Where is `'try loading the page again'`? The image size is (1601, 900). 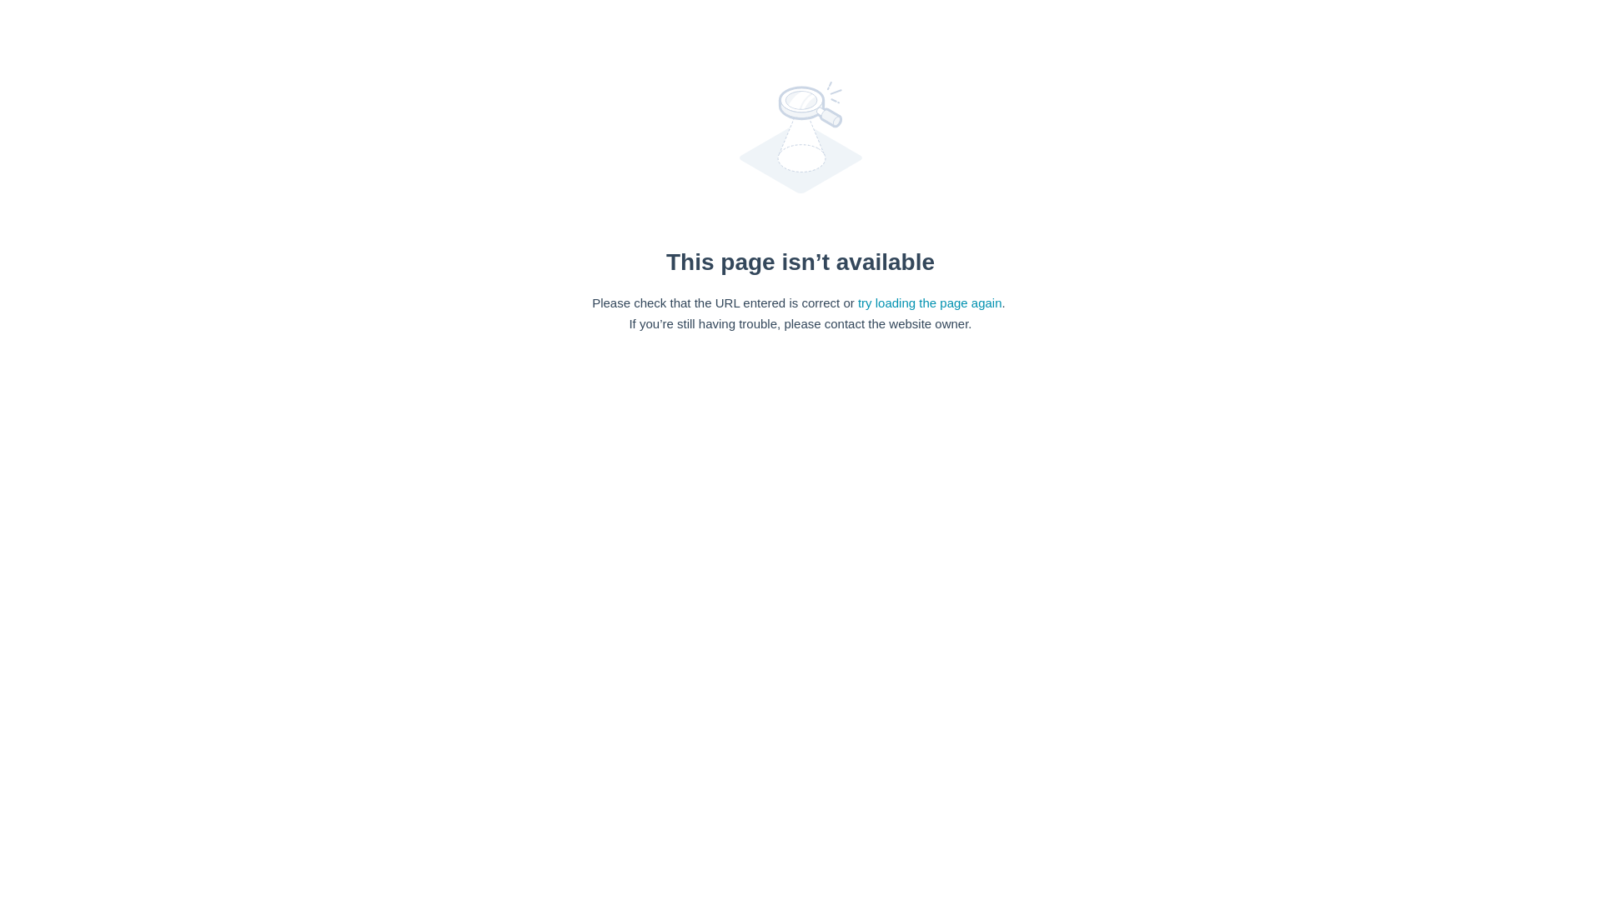
'try loading the page again' is located at coordinates (929, 302).